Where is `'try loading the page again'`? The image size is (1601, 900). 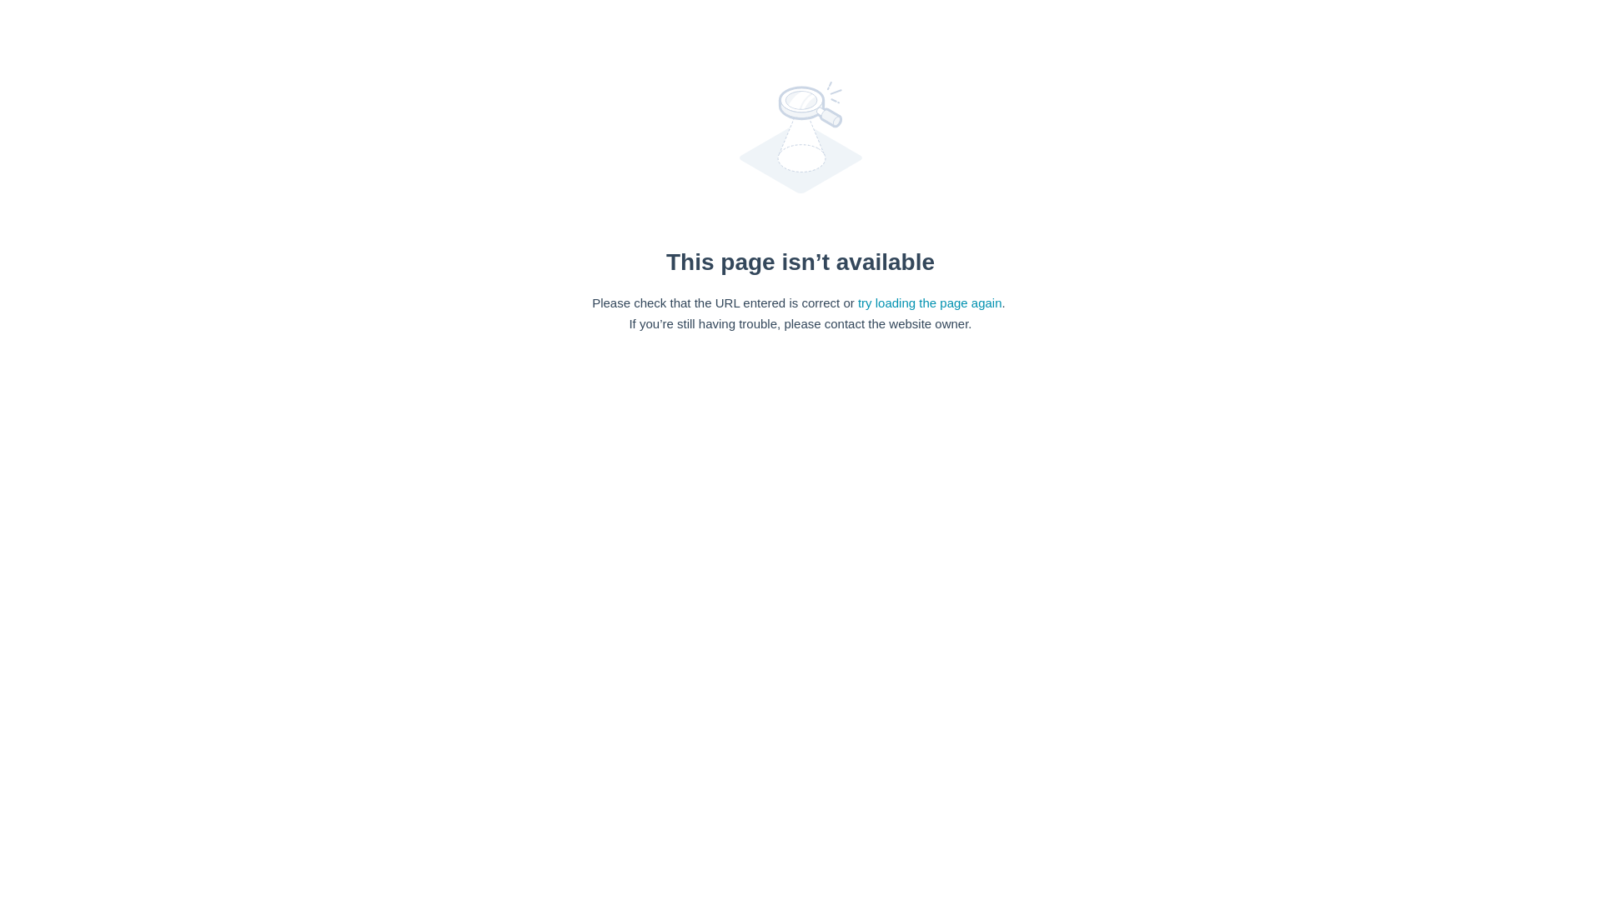
'try loading the page again' is located at coordinates (929, 302).